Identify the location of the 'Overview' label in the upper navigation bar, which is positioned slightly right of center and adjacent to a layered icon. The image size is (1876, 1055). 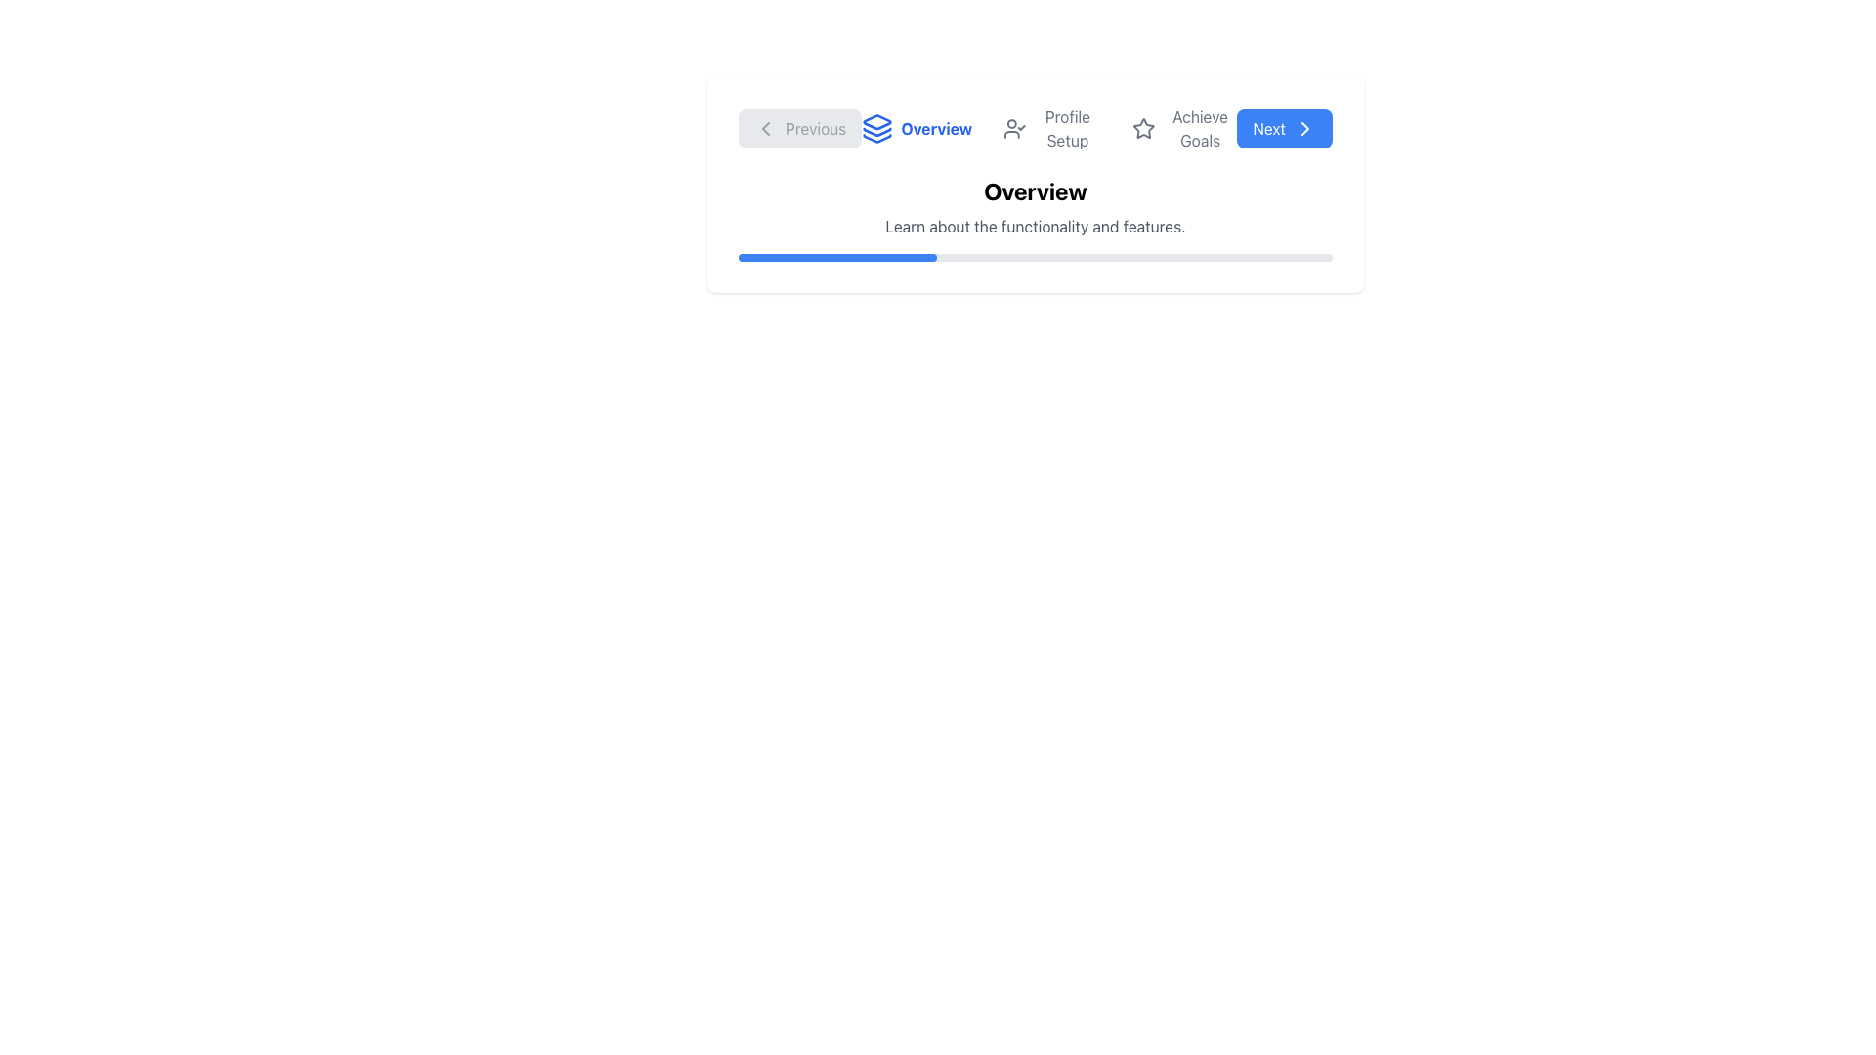
(935, 128).